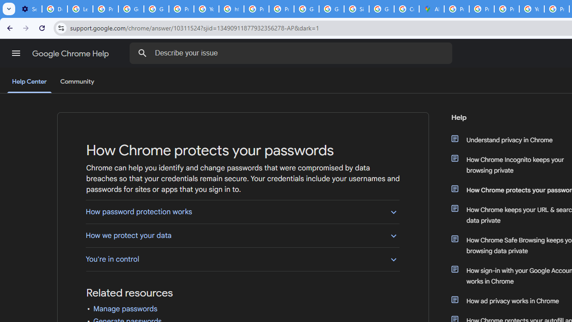 The image size is (572, 322). I want to click on 'Community', so click(77, 82).